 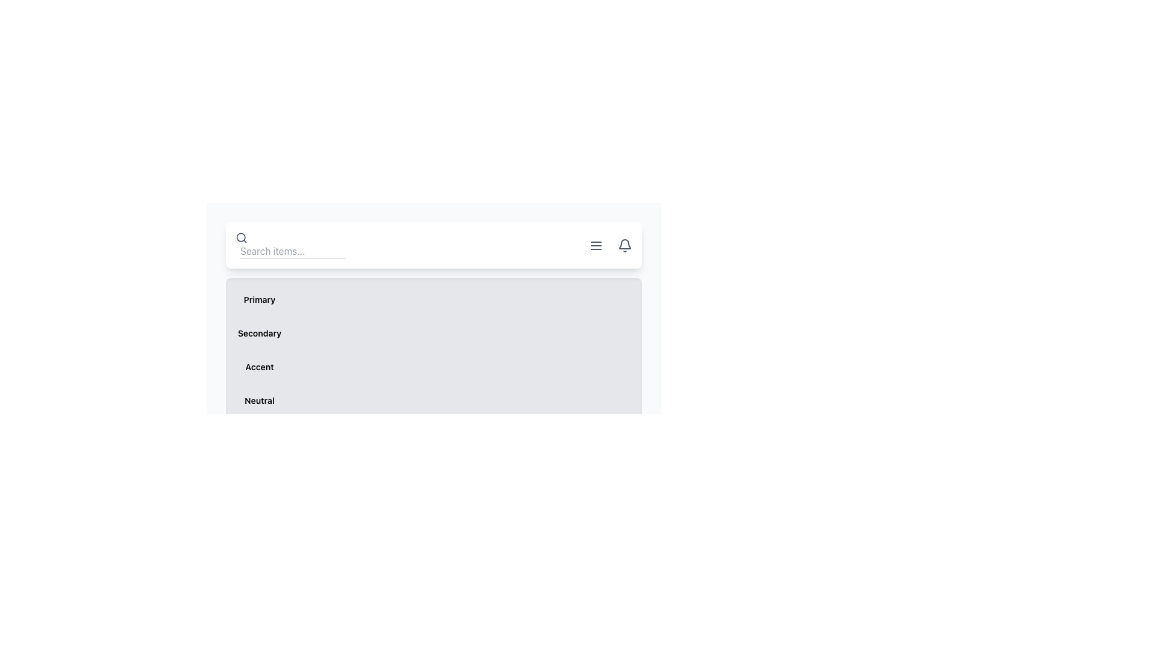 I want to click on the text input field with placeholder 'Search items...', so click(x=290, y=245).